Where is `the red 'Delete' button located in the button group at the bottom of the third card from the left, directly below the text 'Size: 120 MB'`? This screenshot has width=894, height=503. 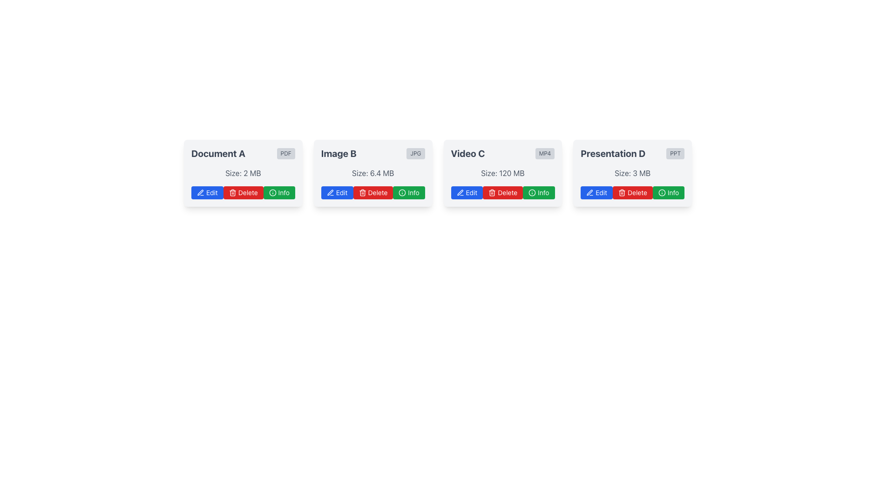
the red 'Delete' button located in the button group at the bottom of the third card from the left, directly below the text 'Size: 120 MB' is located at coordinates (502, 192).